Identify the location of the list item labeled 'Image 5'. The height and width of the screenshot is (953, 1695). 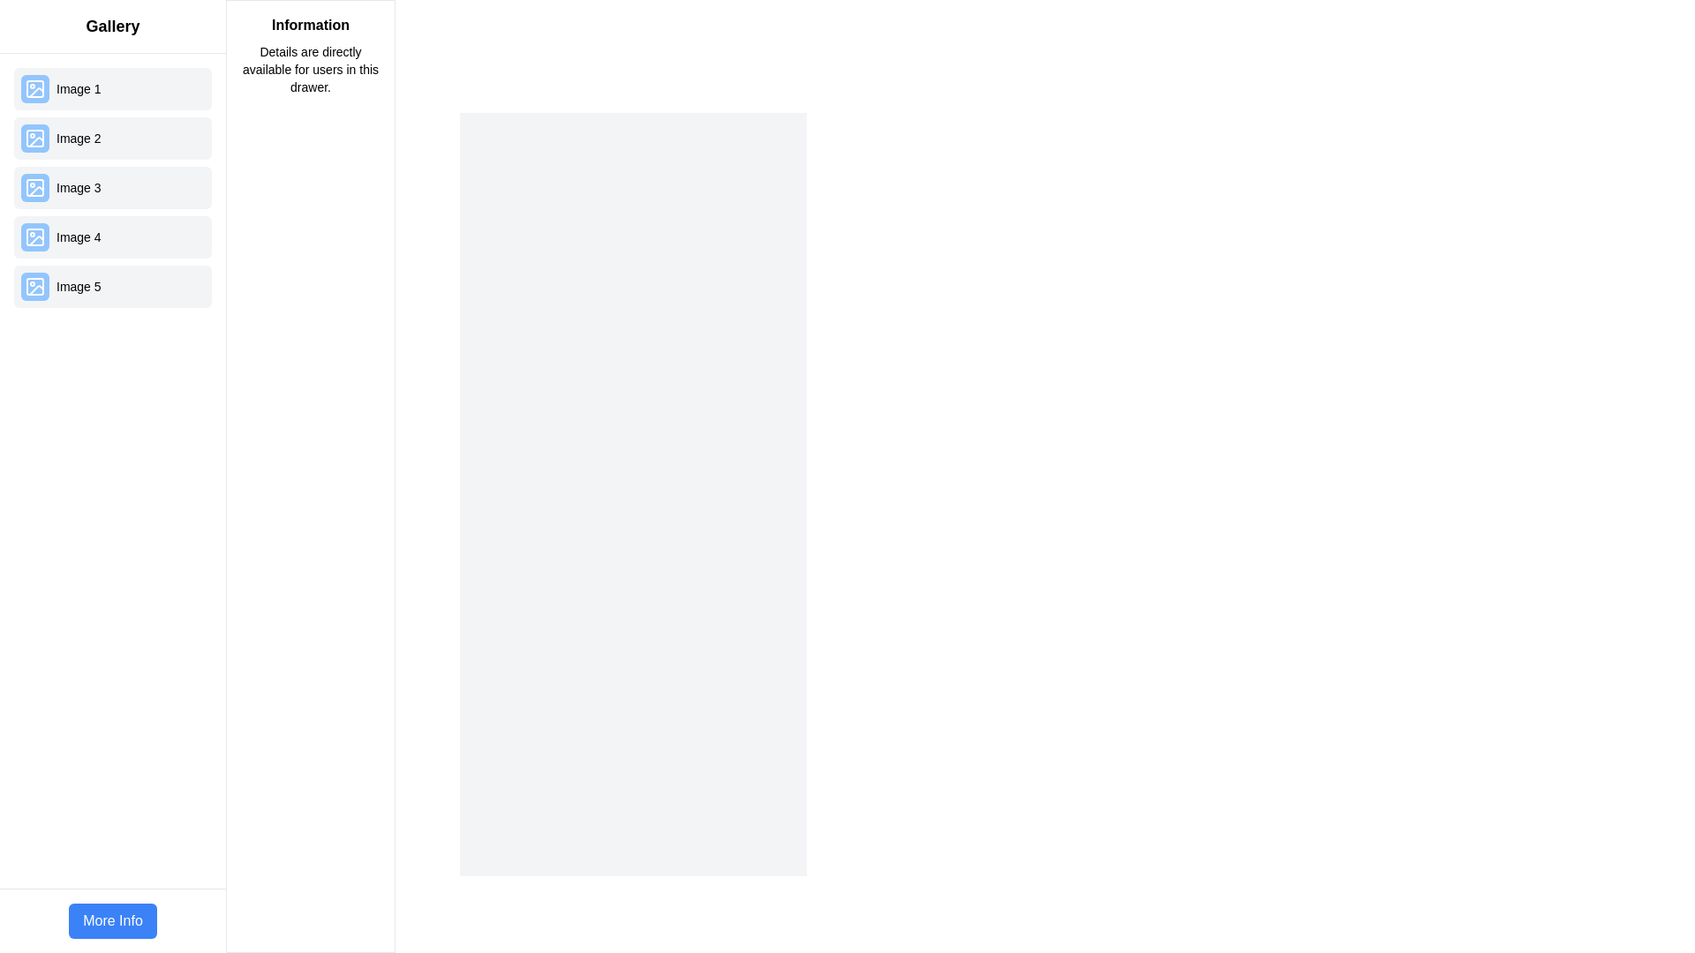
(112, 285).